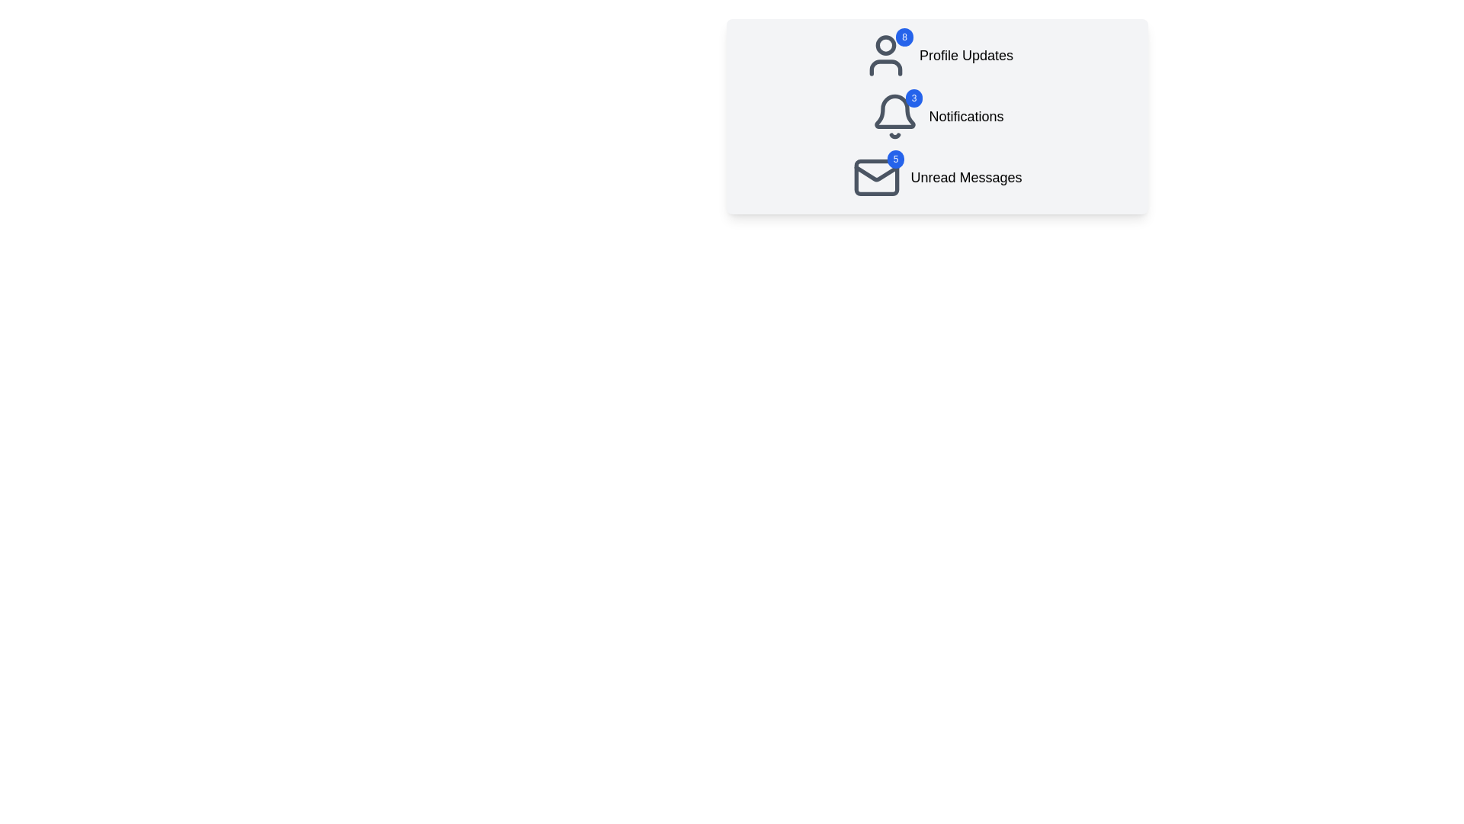 This screenshot has width=1464, height=824. What do you see at coordinates (896, 159) in the screenshot?
I see `the Notification Badge that displays the count of unread messages, located at the top-right corner of the envelope icon in the vertical list of notification icons` at bounding box center [896, 159].